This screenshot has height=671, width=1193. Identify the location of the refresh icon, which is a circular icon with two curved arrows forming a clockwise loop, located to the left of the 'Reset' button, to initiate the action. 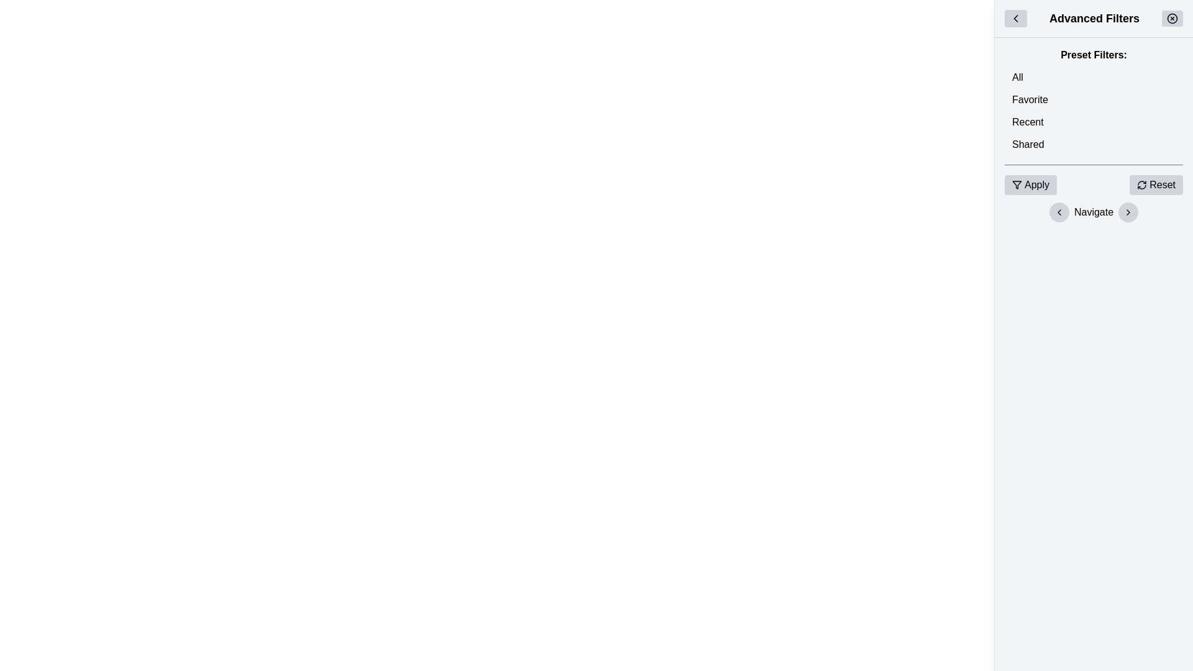
(1142, 185).